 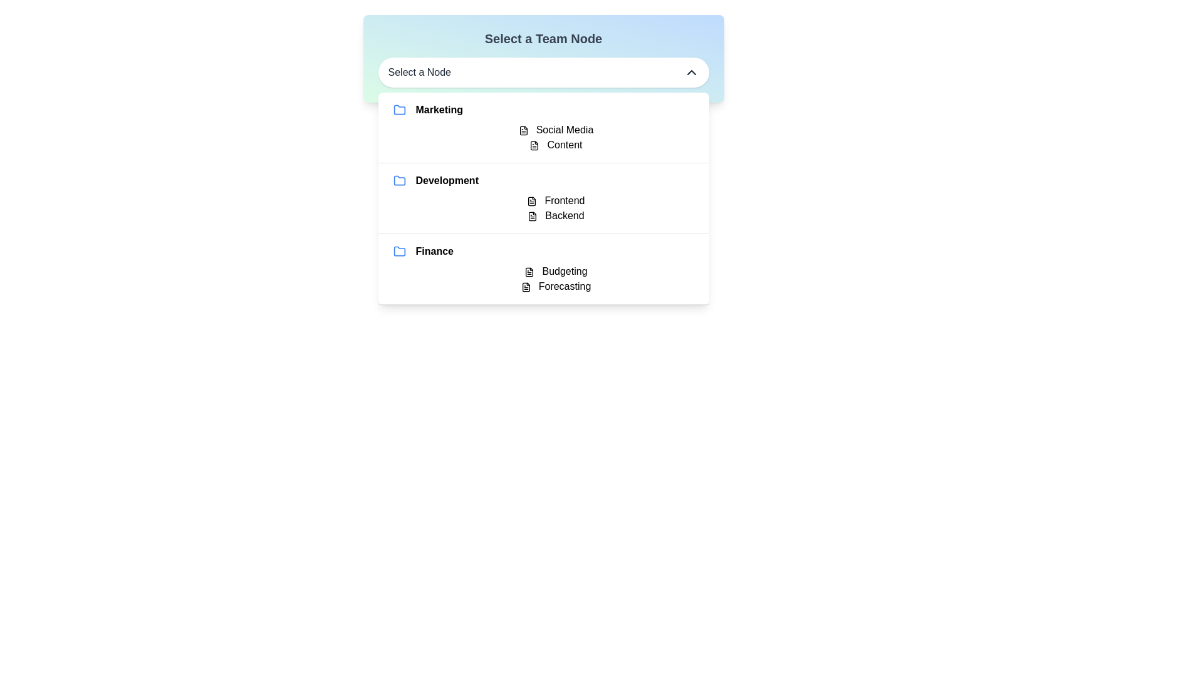 What do you see at coordinates (543, 198) in the screenshot?
I see `the 'Frontend' sub-item within the 'Development' menu section, which is represented by a folder icon and is the first sub-item listed under the 'Development' section` at bounding box center [543, 198].